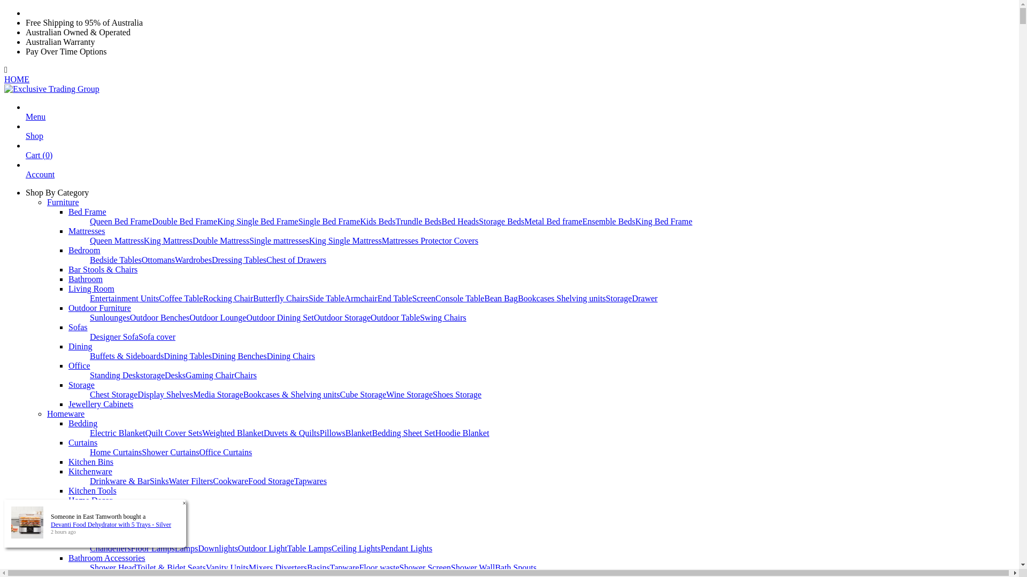 The image size is (1027, 577). I want to click on 'Drinkware & Bar', so click(120, 481).